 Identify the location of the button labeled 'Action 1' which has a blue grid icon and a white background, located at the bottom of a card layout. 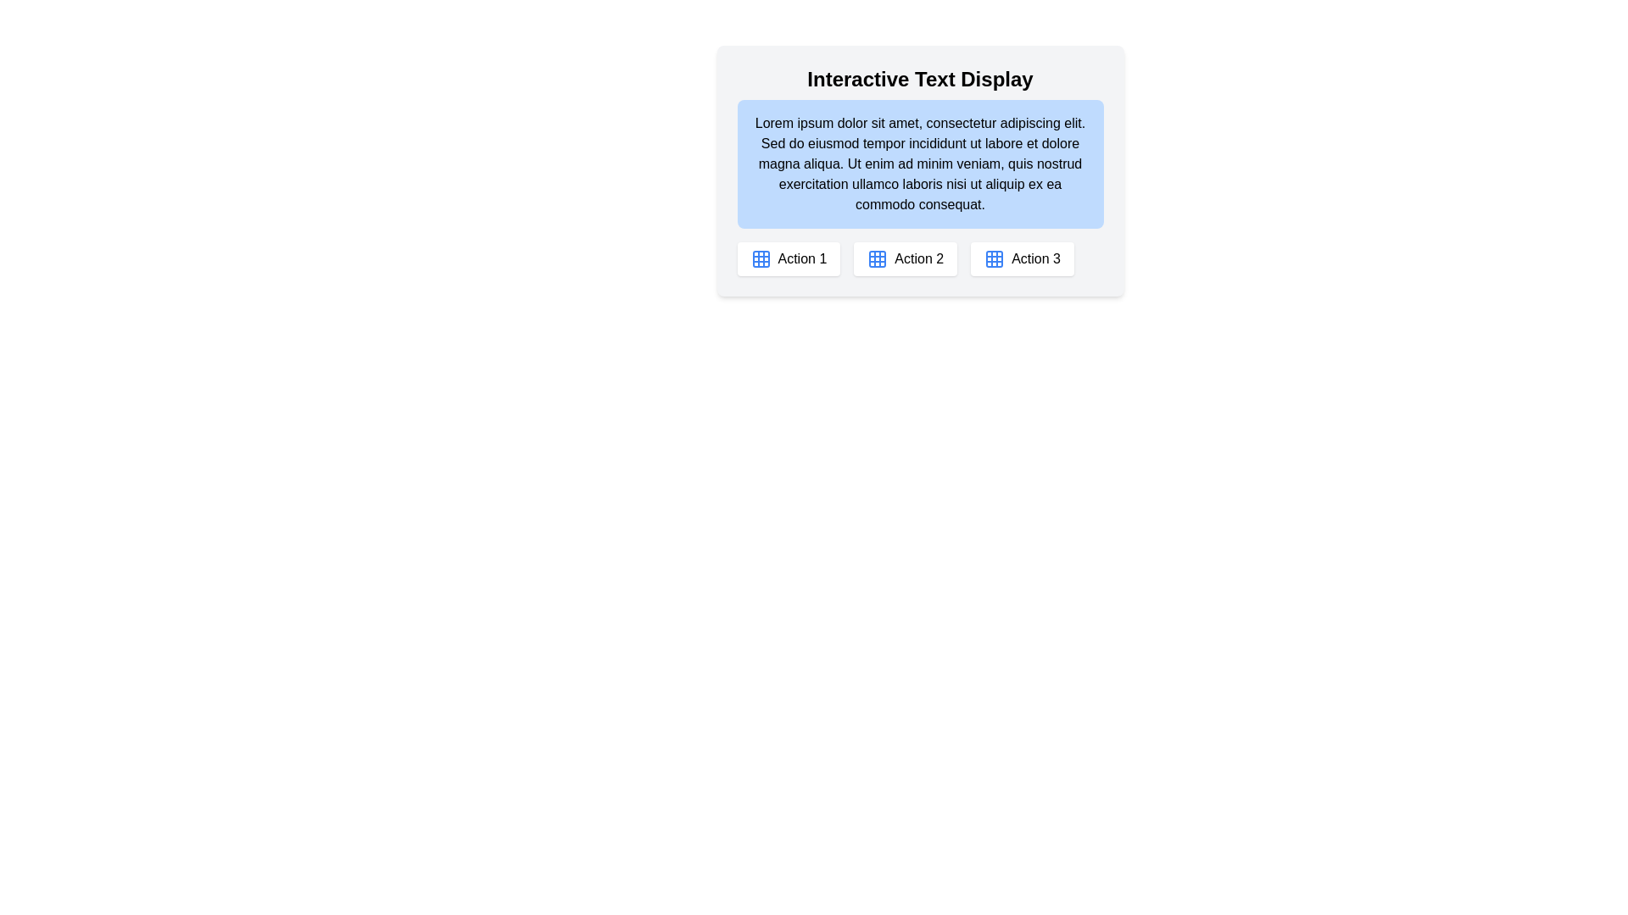
(788, 258).